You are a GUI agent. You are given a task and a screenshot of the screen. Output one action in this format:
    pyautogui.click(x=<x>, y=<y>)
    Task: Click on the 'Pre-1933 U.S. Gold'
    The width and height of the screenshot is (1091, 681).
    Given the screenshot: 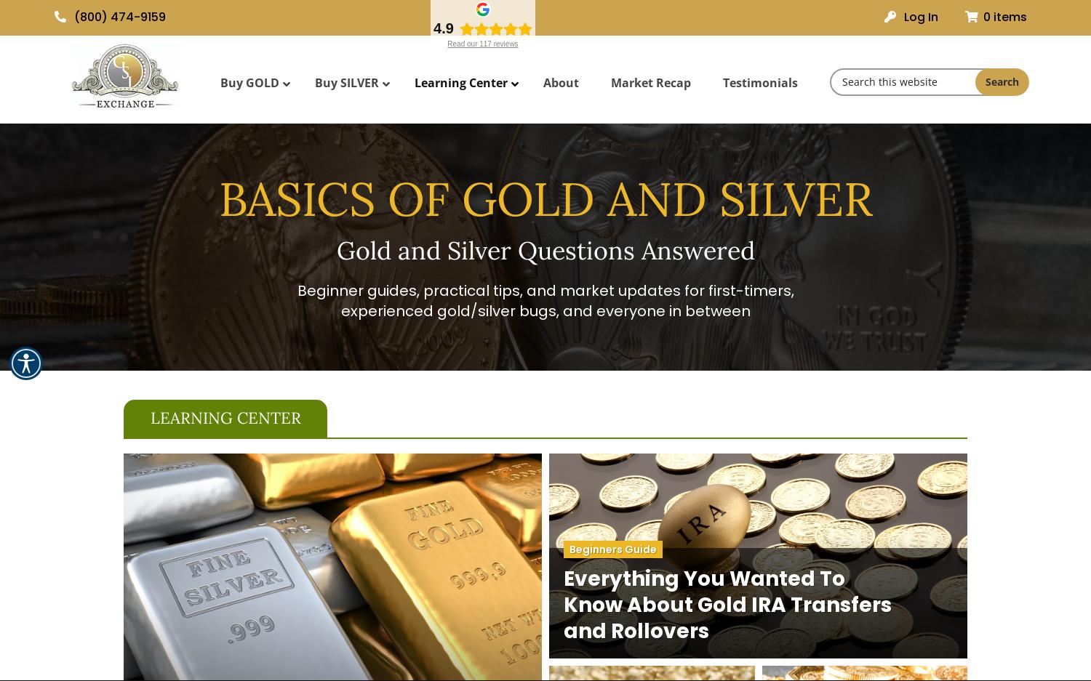 What is the action you would take?
    pyautogui.click(x=419, y=209)
    